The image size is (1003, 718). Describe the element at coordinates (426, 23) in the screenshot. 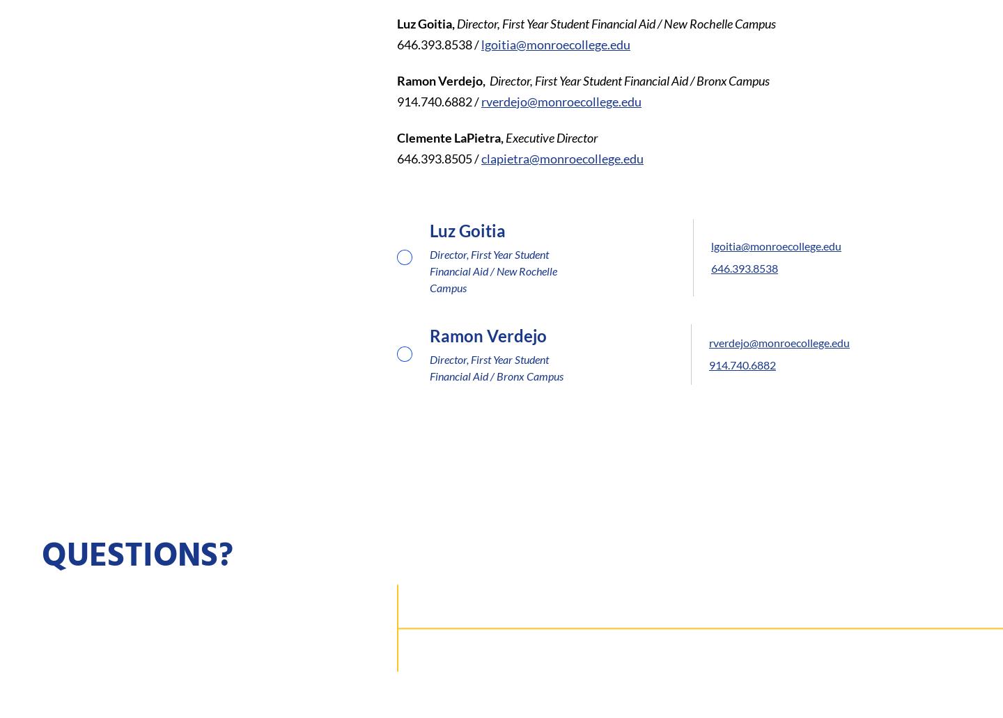

I see `'Luz Goitia,'` at that location.